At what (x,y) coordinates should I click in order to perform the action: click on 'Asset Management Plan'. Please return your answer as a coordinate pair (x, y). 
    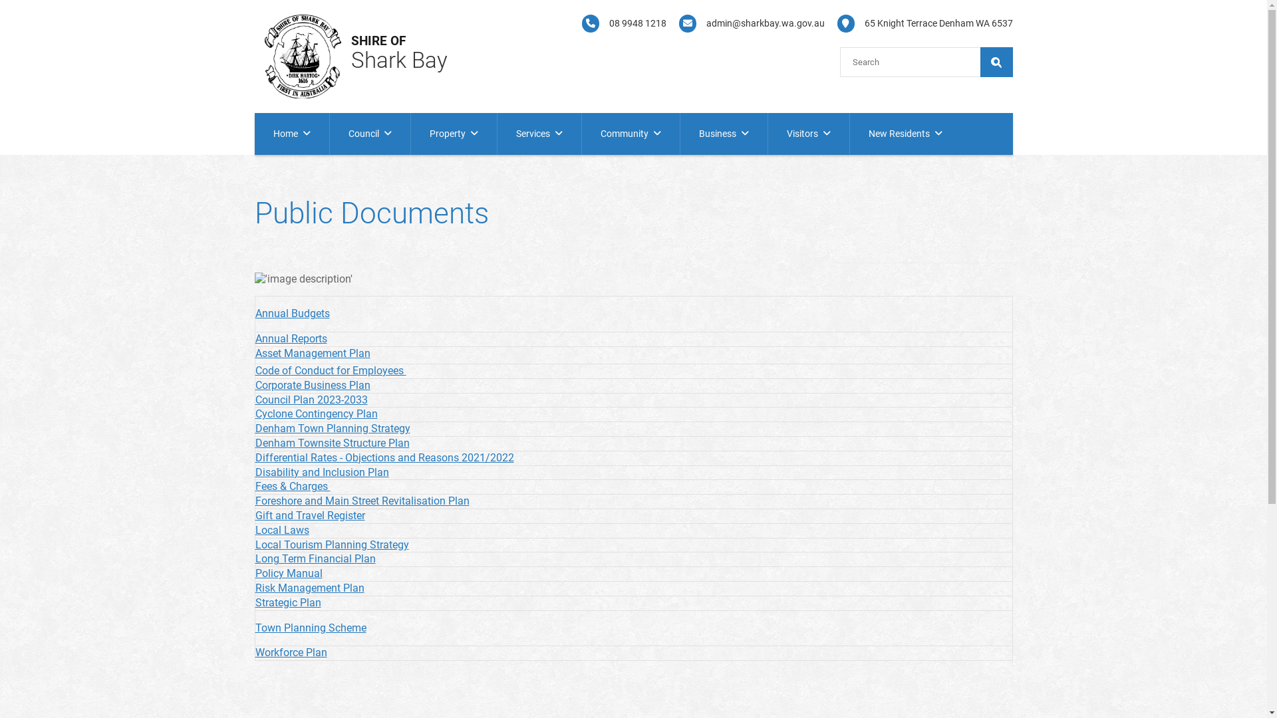
    Looking at the image, I should click on (312, 352).